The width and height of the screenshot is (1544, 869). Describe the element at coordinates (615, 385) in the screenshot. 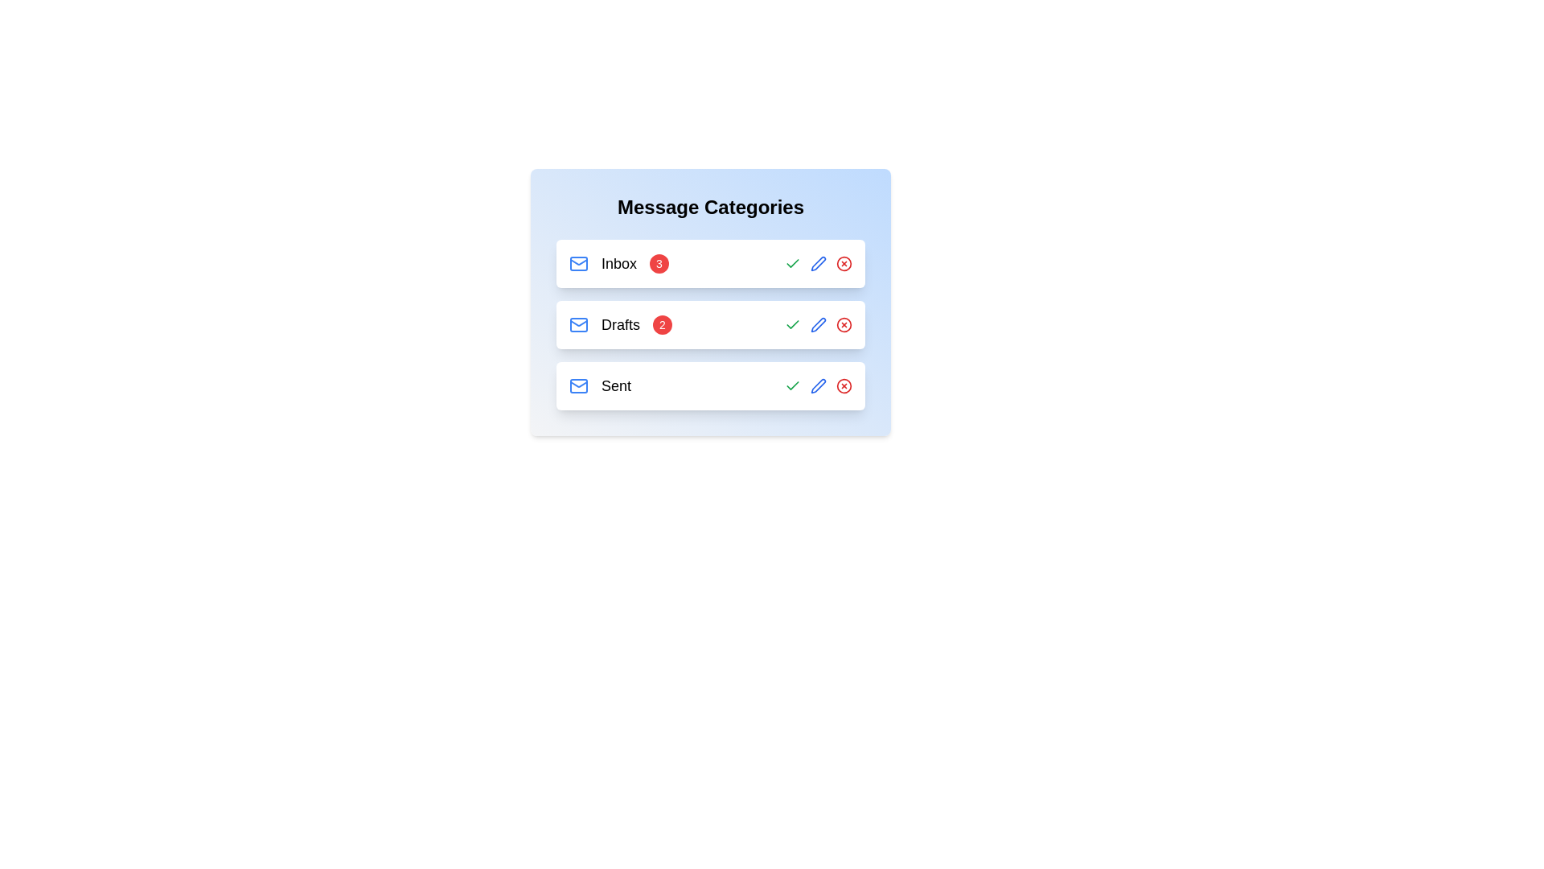

I see `the category label Sent by clicking on it` at that location.